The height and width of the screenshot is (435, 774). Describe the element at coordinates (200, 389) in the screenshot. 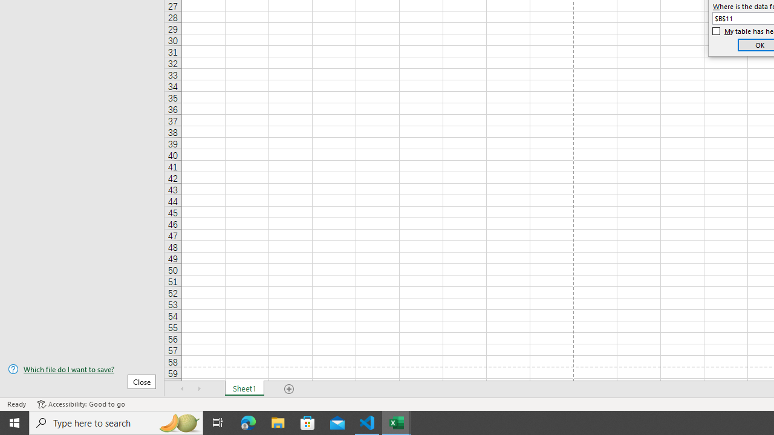

I see `'Scroll Right'` at that location.